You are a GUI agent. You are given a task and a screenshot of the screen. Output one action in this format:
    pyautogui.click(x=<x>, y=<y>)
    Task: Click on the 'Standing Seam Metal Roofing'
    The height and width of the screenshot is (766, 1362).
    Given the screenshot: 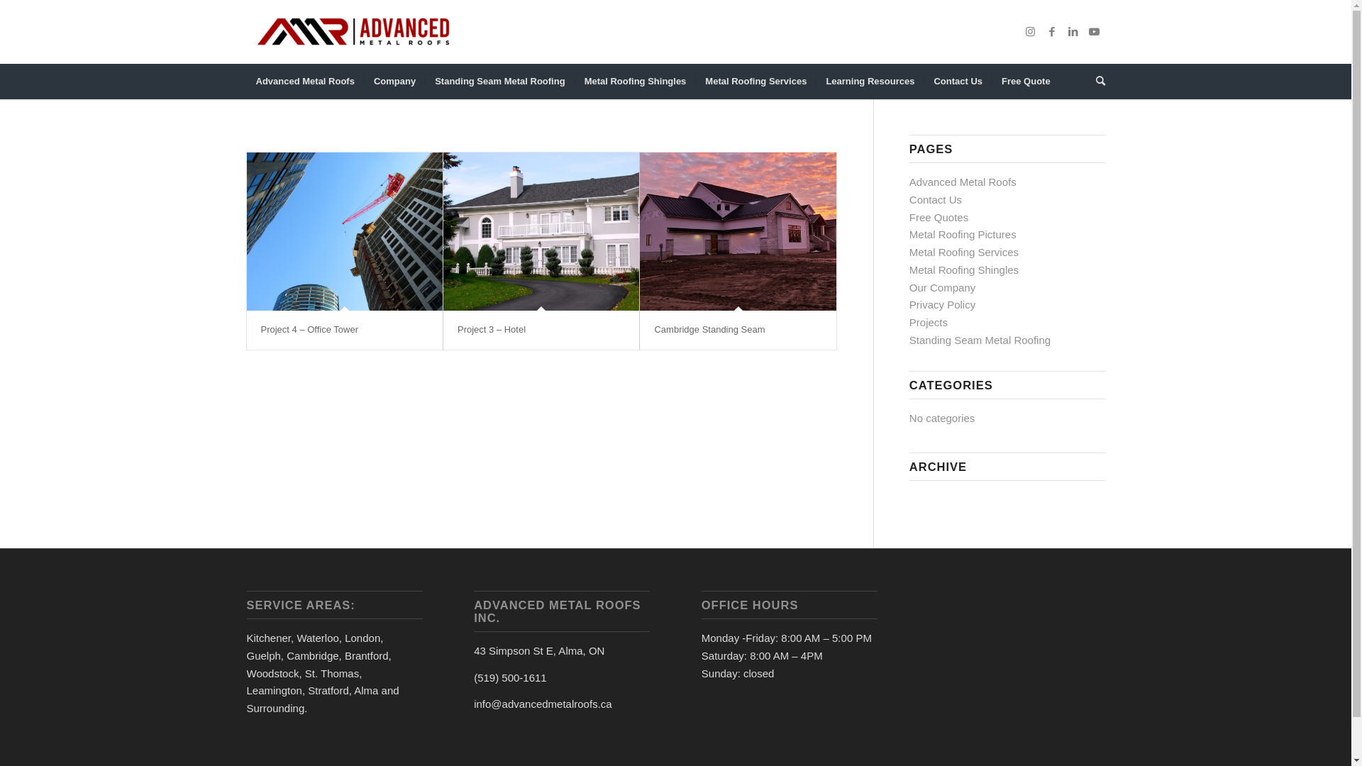 What is the action you would take?
    pyautogui.click(x=979, y=340)
    